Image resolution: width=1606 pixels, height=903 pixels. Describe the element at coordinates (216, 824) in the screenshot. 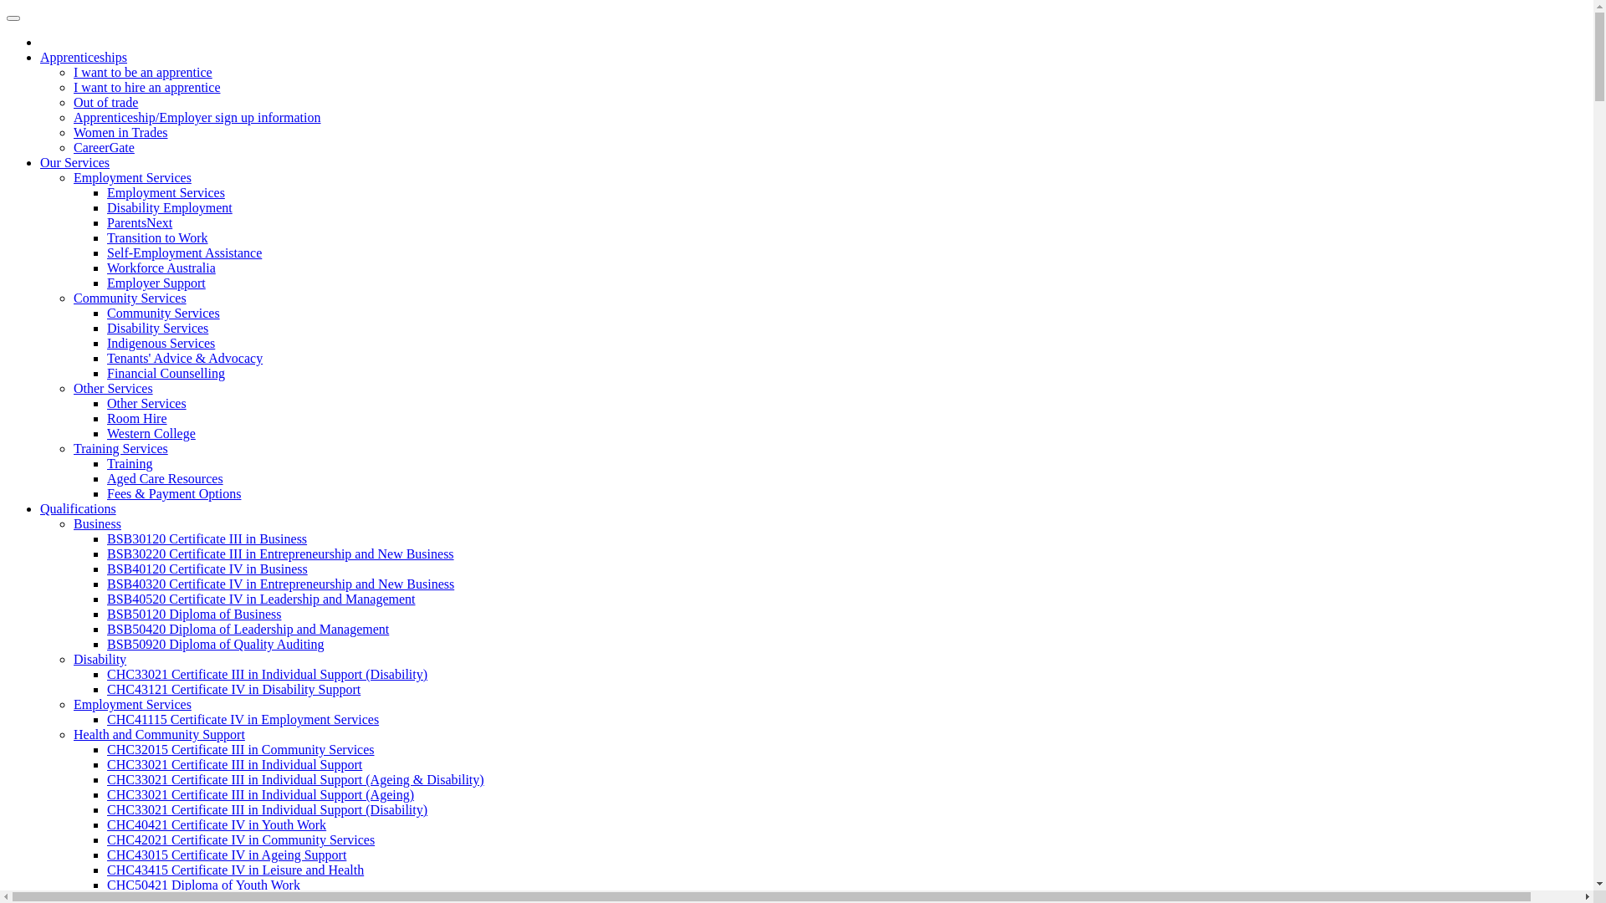

I see `'CHC40421 Certificate IV in Youth Work'` at that location.